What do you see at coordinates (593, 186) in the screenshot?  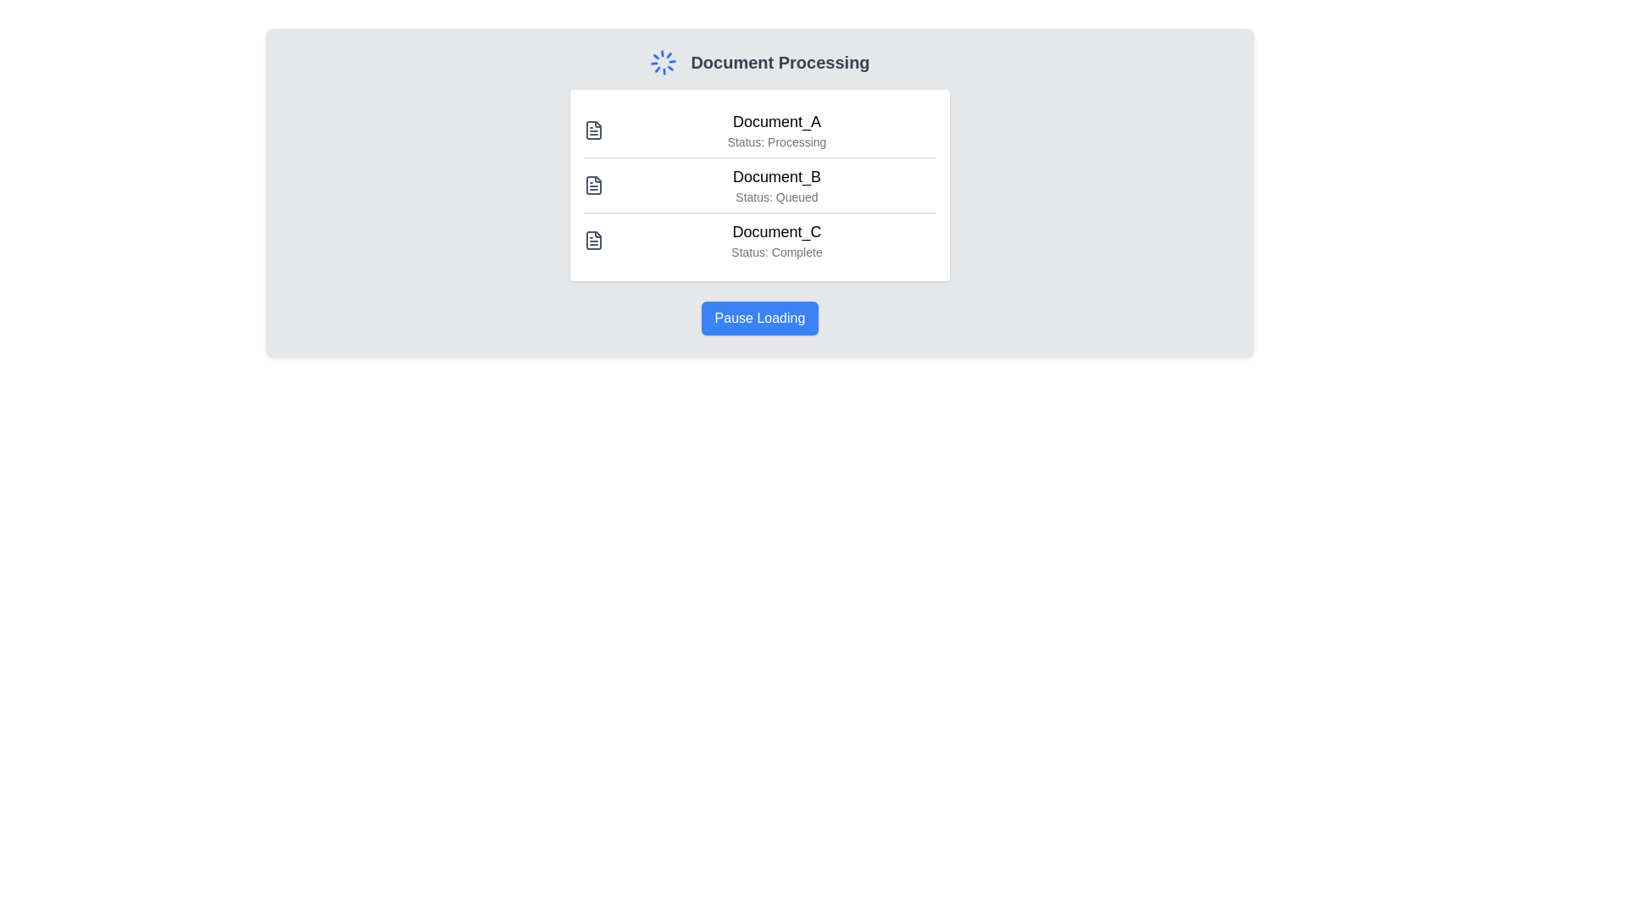 I see `the document icon representing 'Document B', located at the leftmost side of the entry labeled 'Document B'` at bounding box center [593, 186].